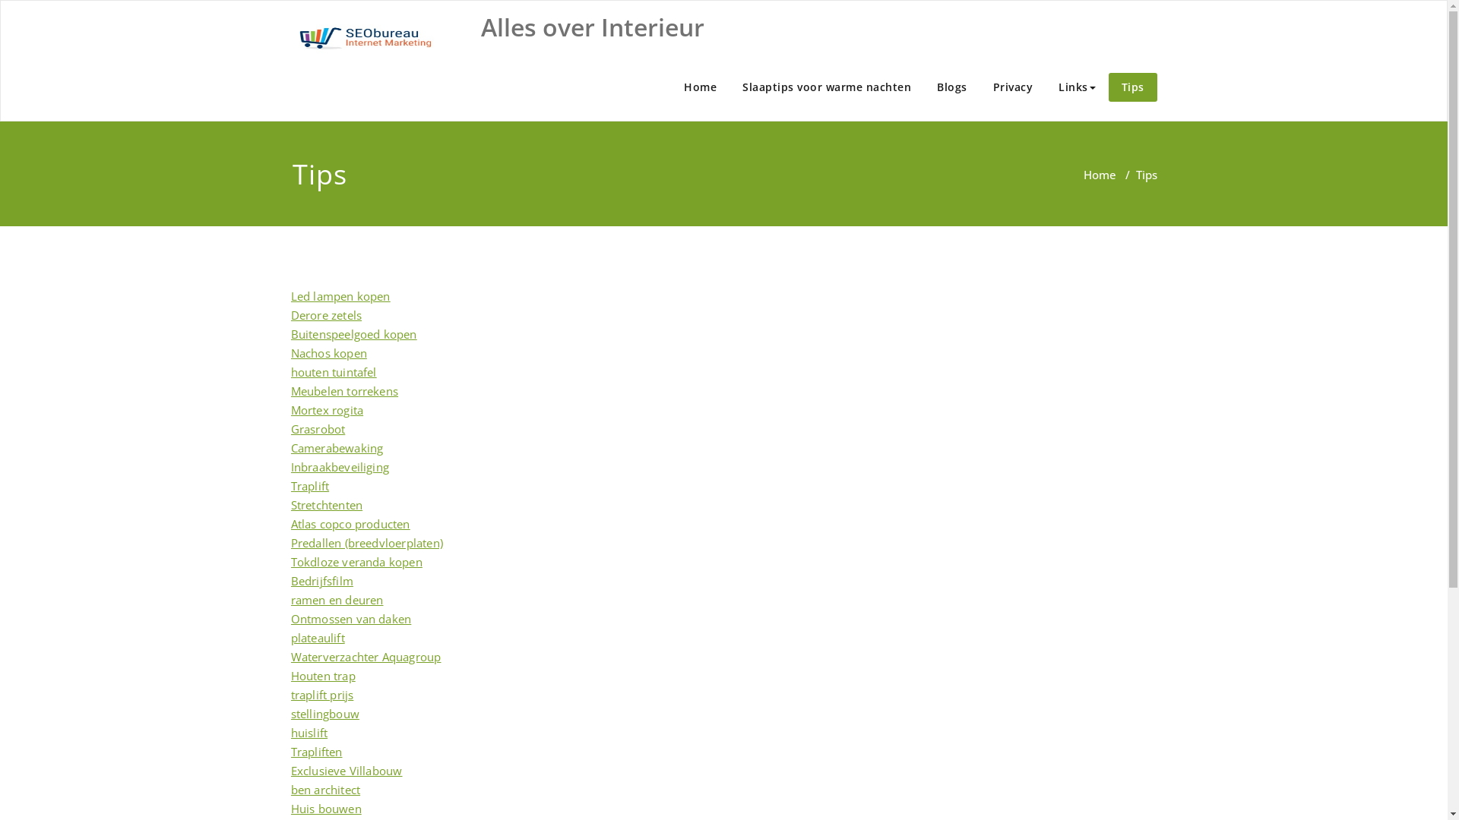 Image resolution: width=1459 pixels, height=820 pixels. What do you see at coordinates (1045, 87) in the screenshot?
I see `'Links'` at bounding box center [1045, 87].